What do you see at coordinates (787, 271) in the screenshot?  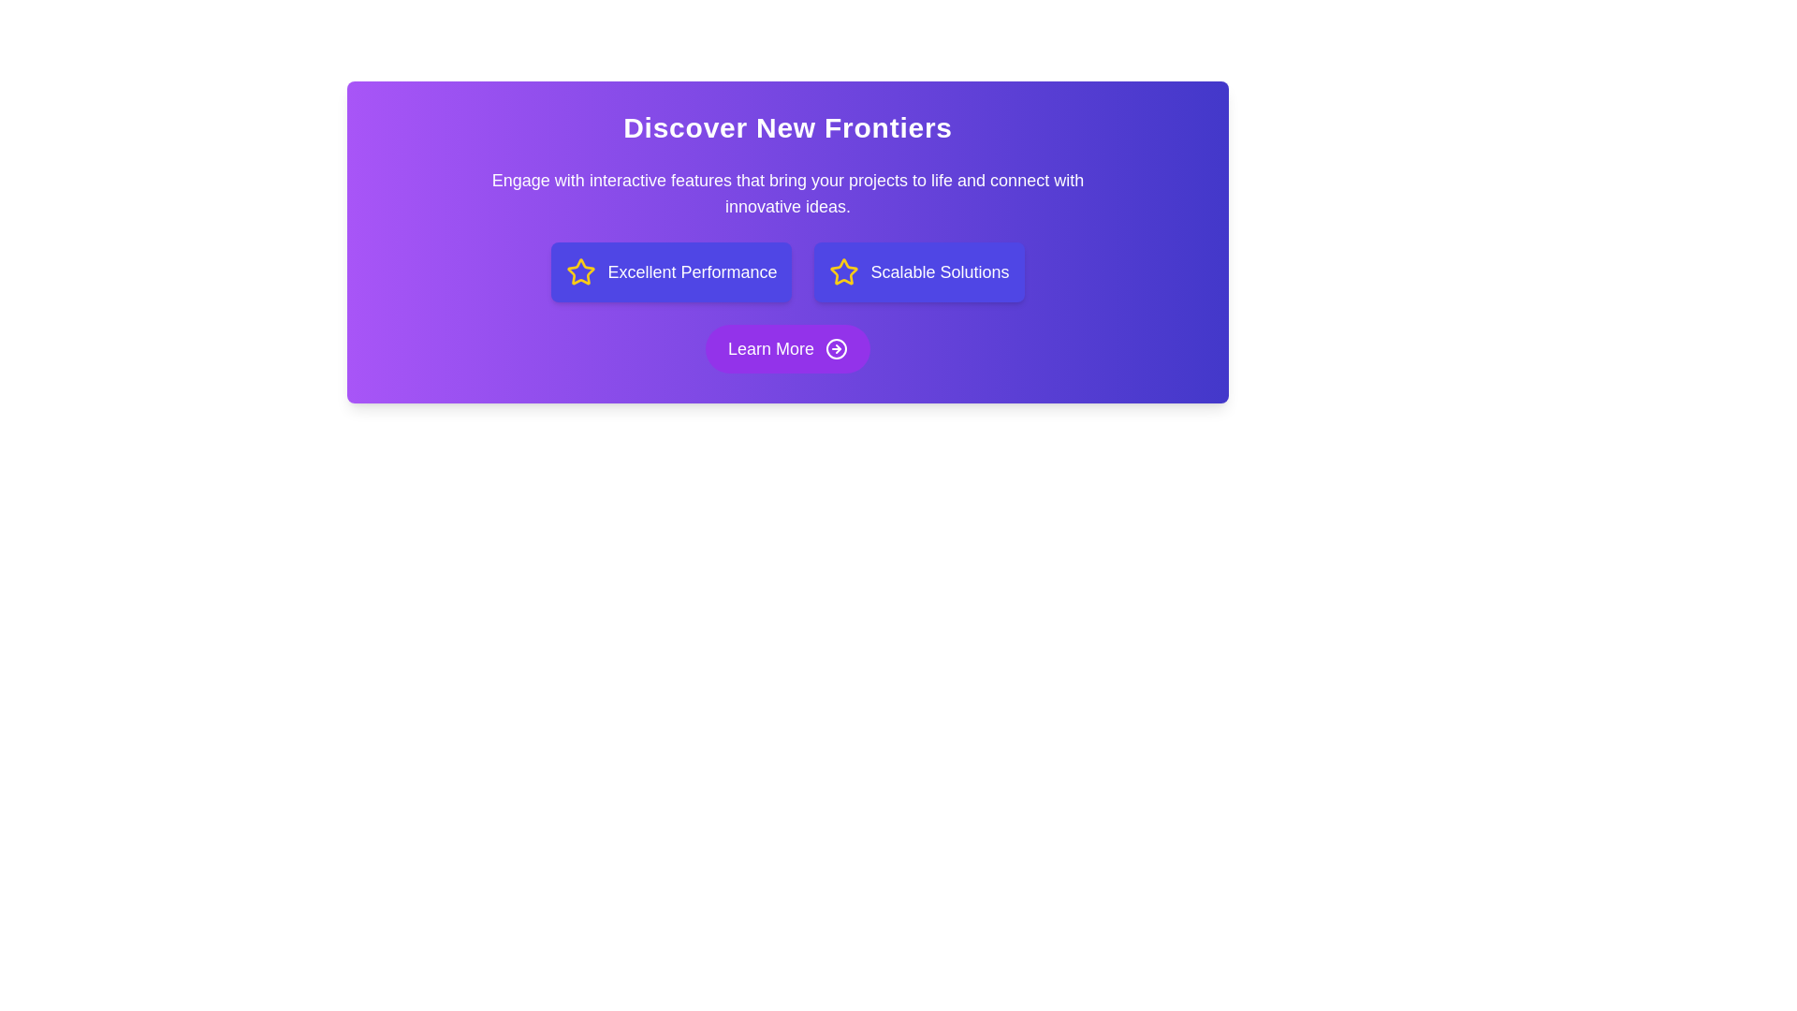 I see `the group of feature cards containing the labels 'Excellent Performance' and 'Scalable Solutions'` at bounding box center [787, 271].